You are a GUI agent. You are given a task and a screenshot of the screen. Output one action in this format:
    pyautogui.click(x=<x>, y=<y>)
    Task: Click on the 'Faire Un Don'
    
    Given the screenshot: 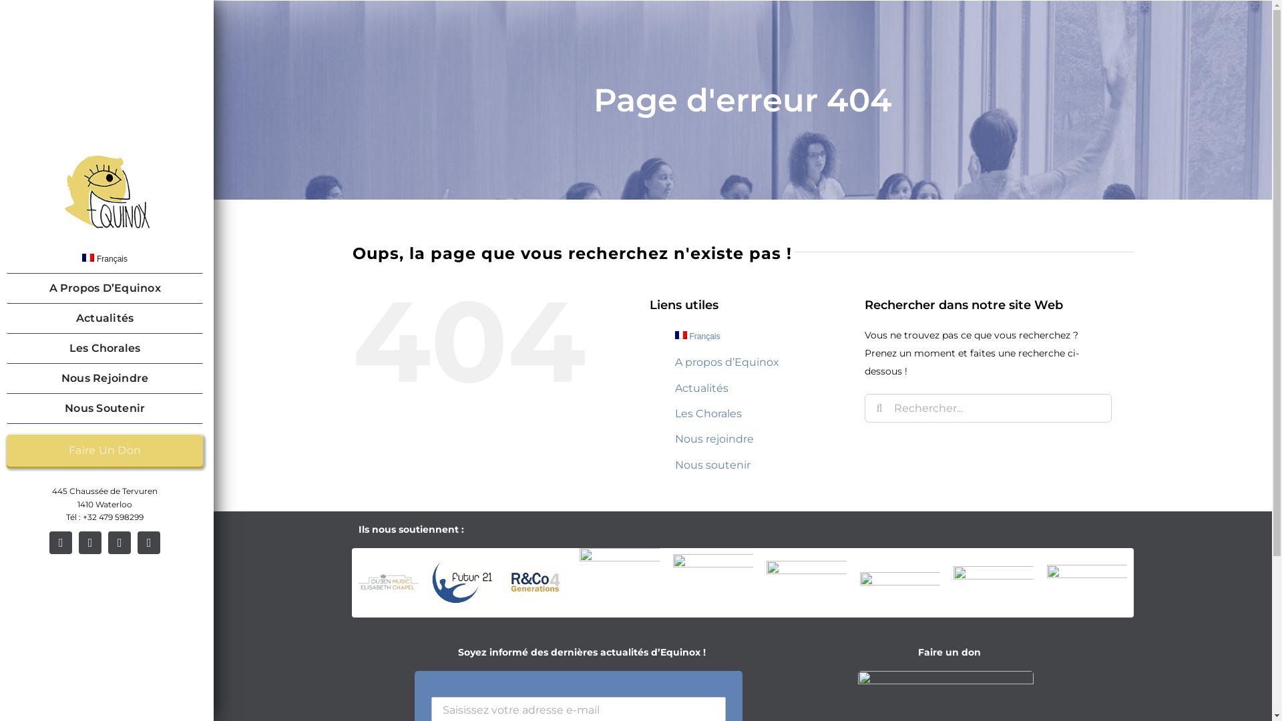 What is the action you would take?
    pyautogui.click(x=104, y=450)
    